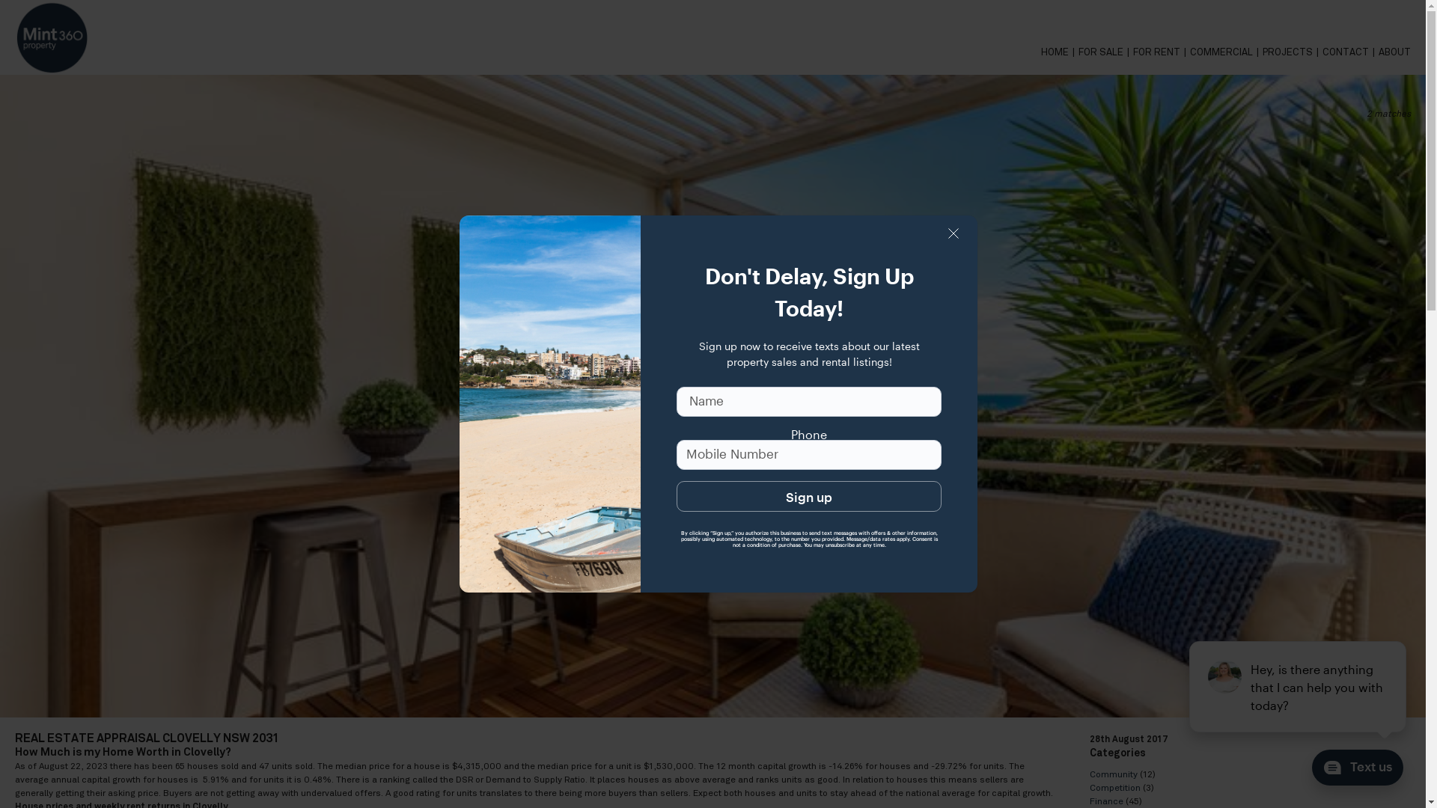  Describe the element at coordinates (1089, 787) in the screenshot. I see `'Competition'` at that location.